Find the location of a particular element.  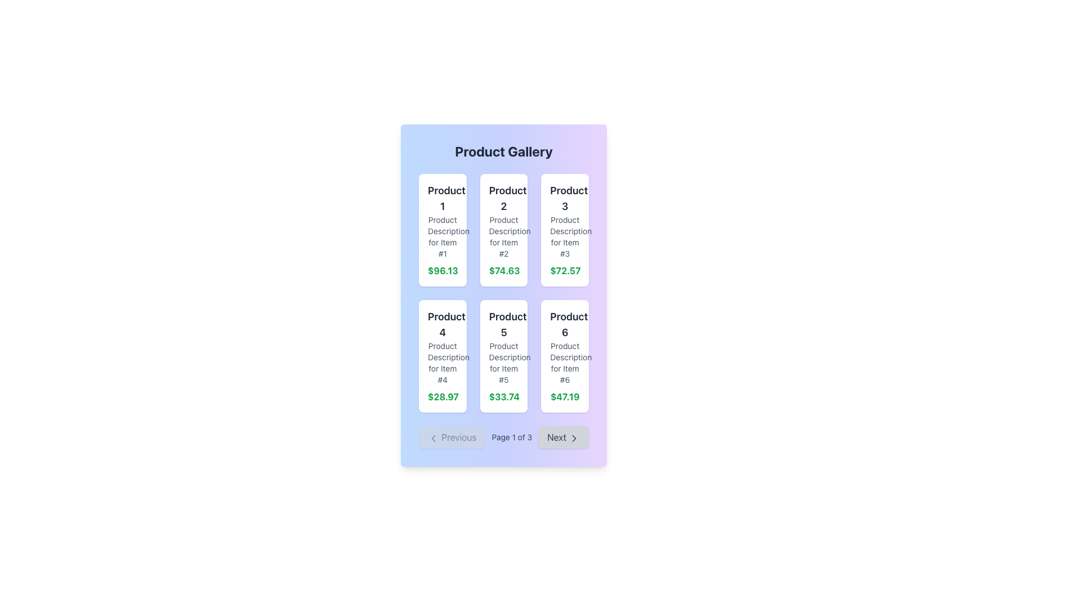

the text element providing additional details about 'Product 1', positioned below the title and above the price is located at coordinates (442, 236).